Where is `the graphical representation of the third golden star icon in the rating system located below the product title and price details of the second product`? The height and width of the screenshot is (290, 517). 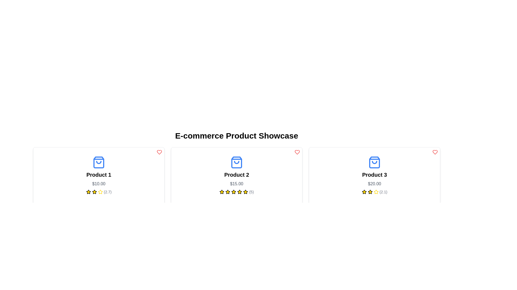
the graphical representation of the third golden star icon in the rating system located below the product title and price details of the second product is located at coordinates (226, 270).